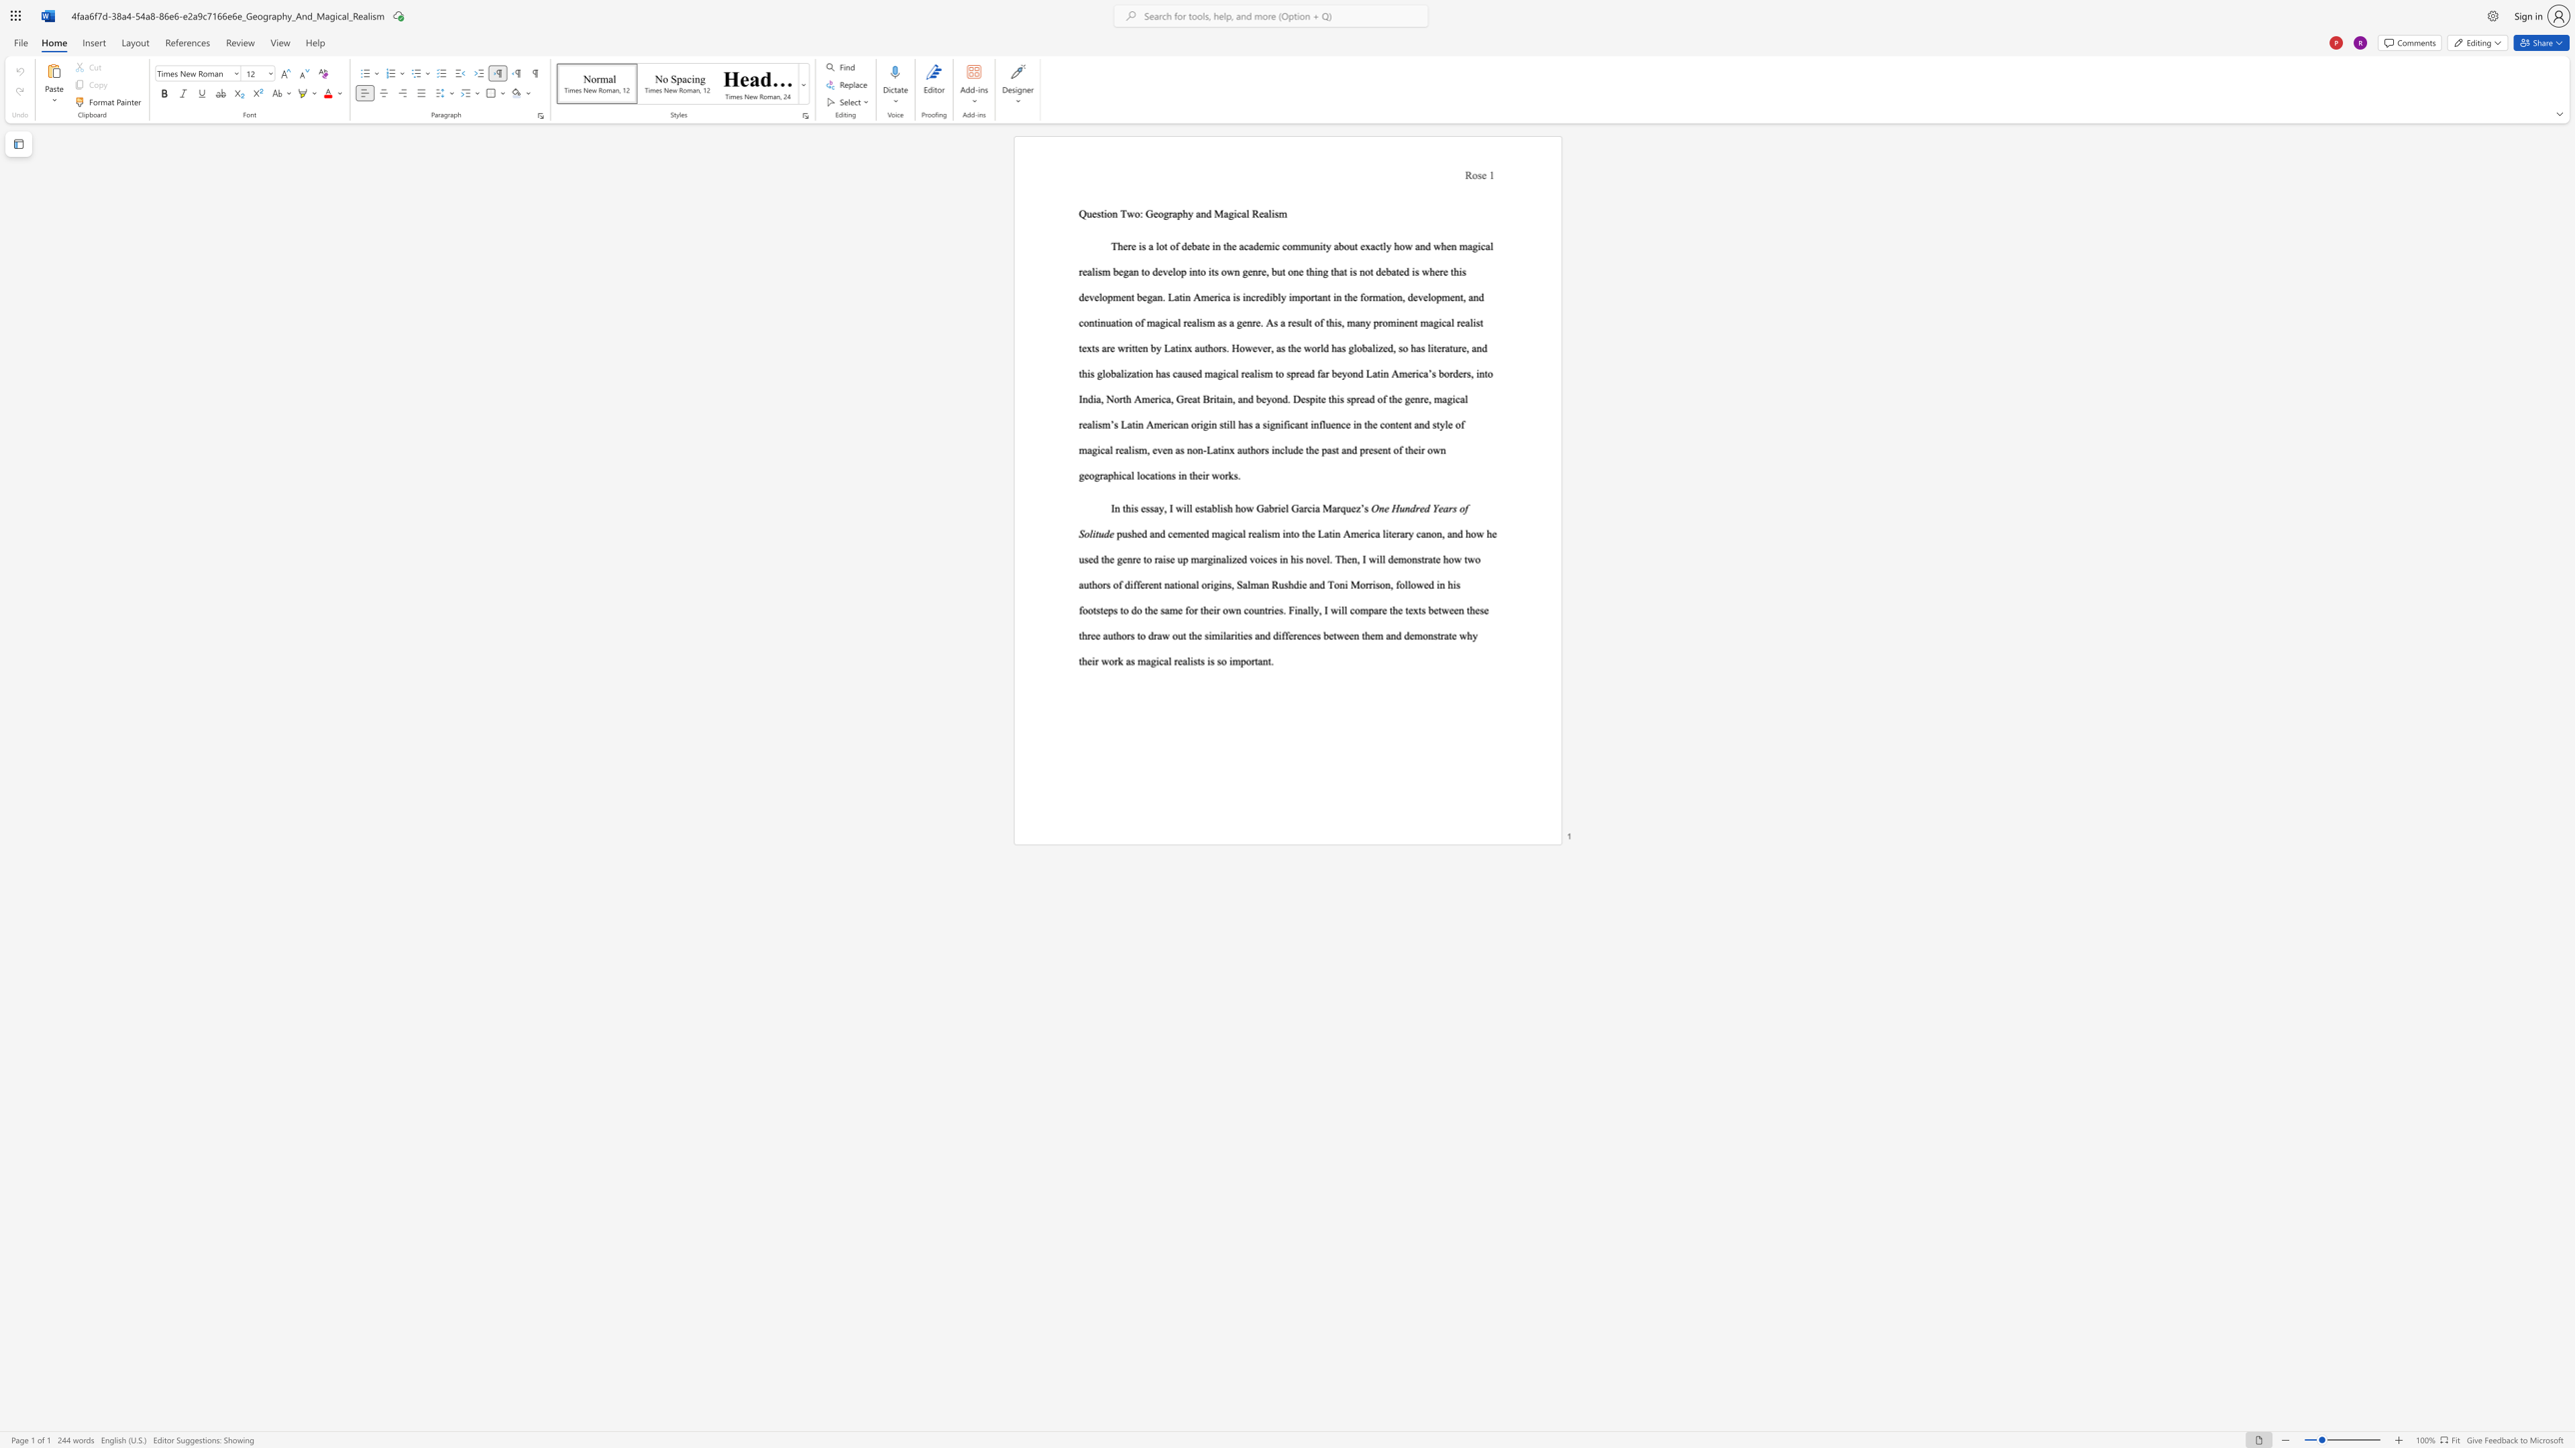 The width and height of the screenshot is (2575, 1448). Describe the element at coordinates (1097, 423) in the screenshot. I see `the subset text "sm" within the text "o spread far beyond Latin America’s borders, into India, North America, Great Britain, and beyond. Despite this spread of the genre, magical realism’s Latin American origin still has a"` at that location.